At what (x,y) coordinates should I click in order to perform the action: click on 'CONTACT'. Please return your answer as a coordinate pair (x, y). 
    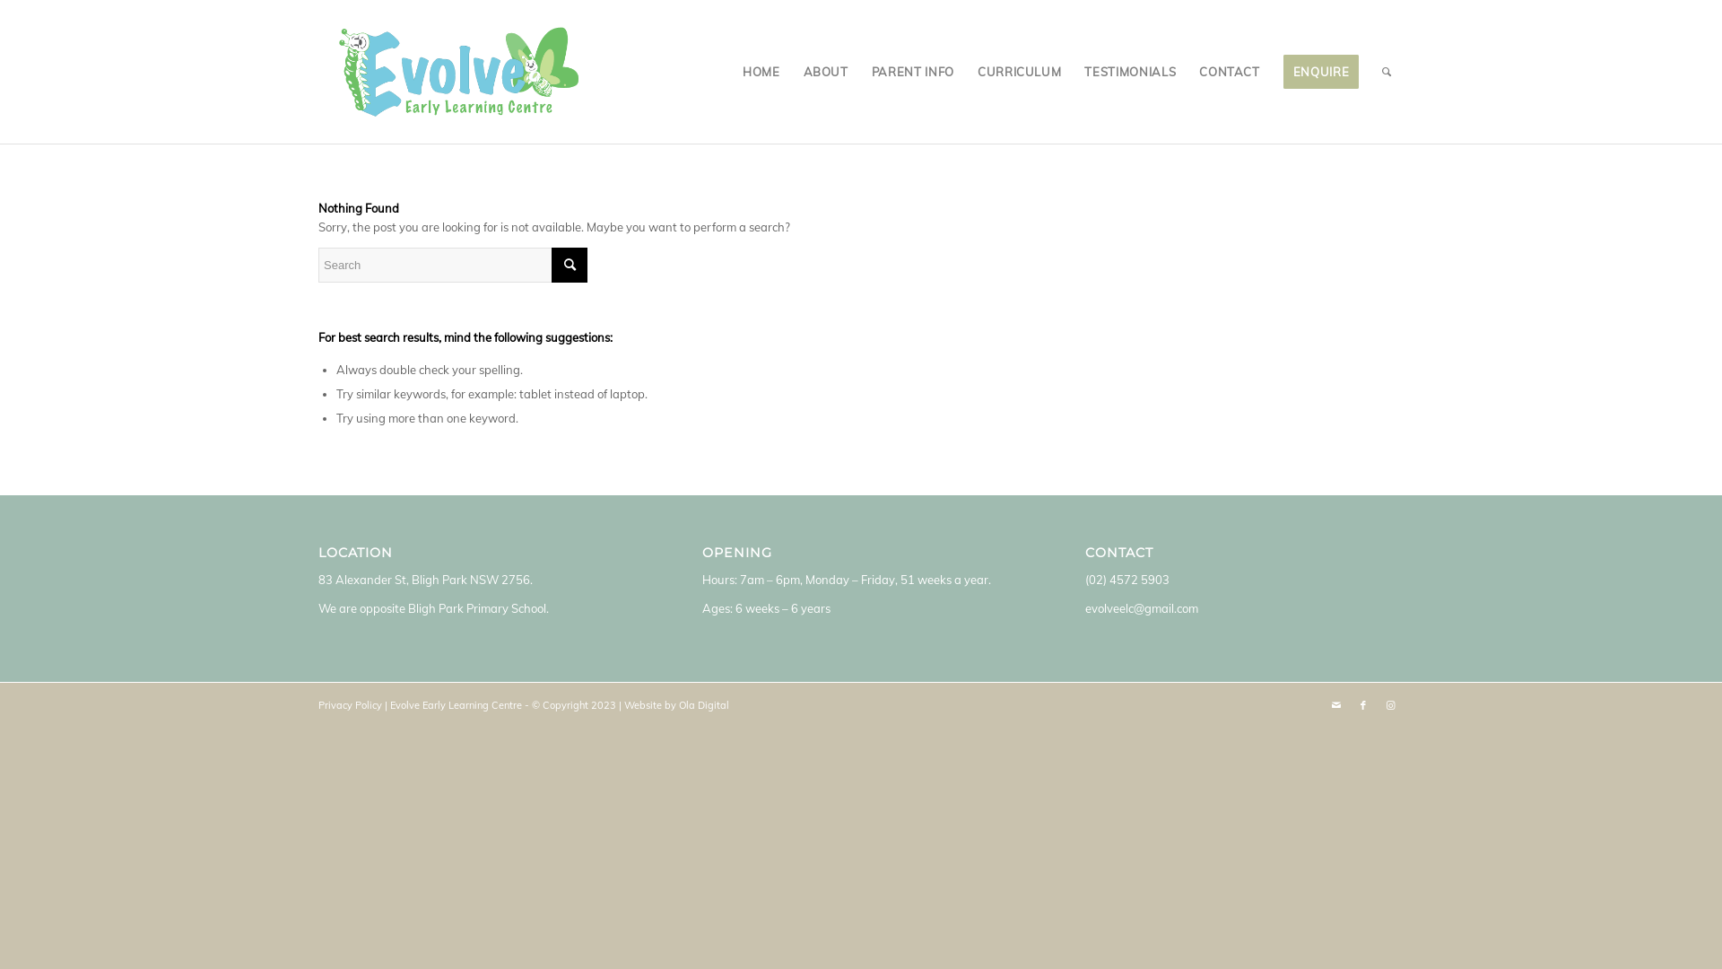
    Looking at the image, I should click on (1187, 71).